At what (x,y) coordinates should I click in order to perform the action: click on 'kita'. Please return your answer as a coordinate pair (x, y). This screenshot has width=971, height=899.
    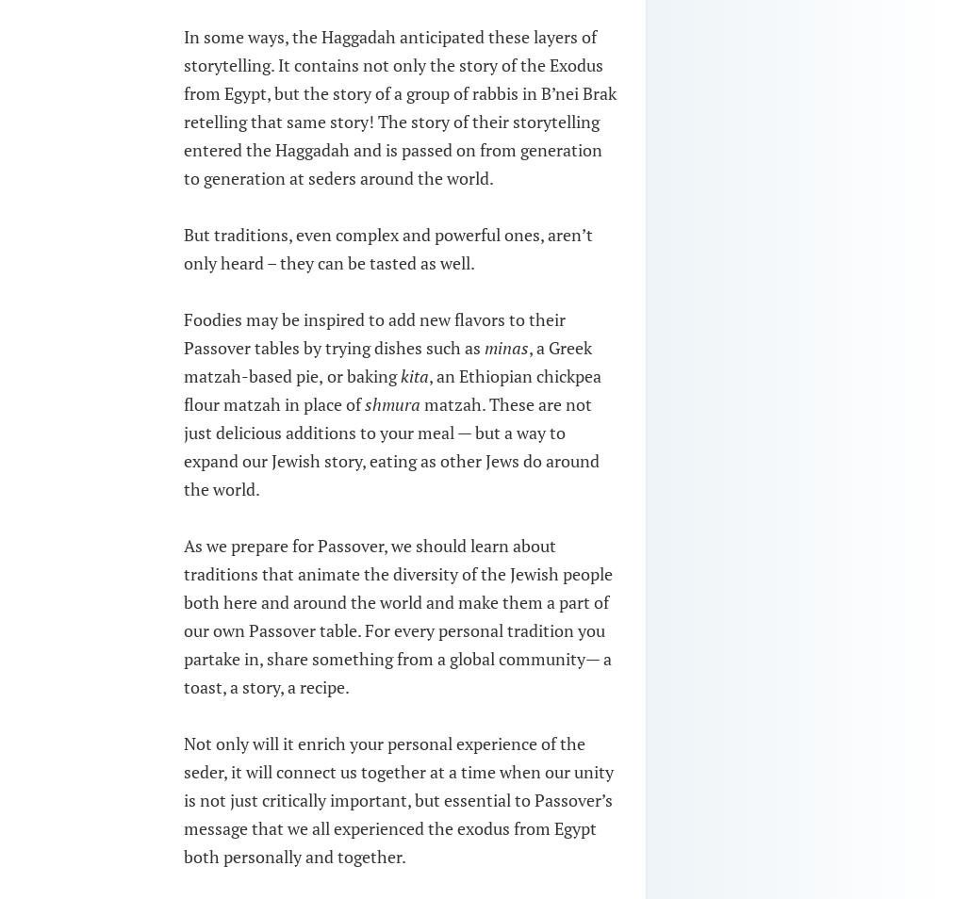
    Looking at the image, I should click on (414, 375).